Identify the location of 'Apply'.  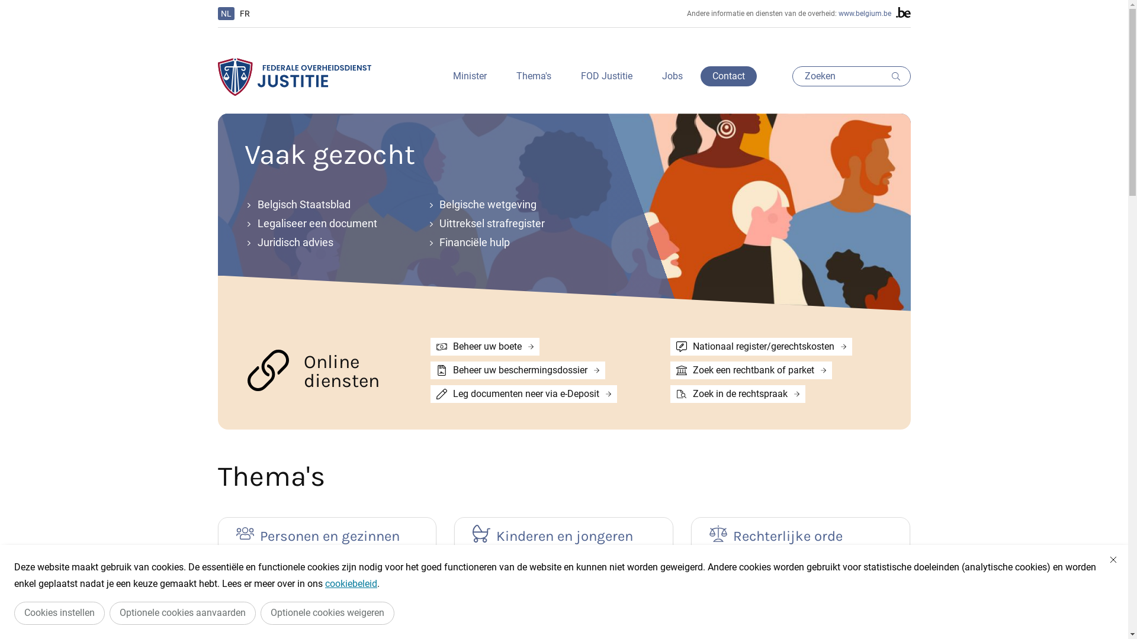
(886, 76).